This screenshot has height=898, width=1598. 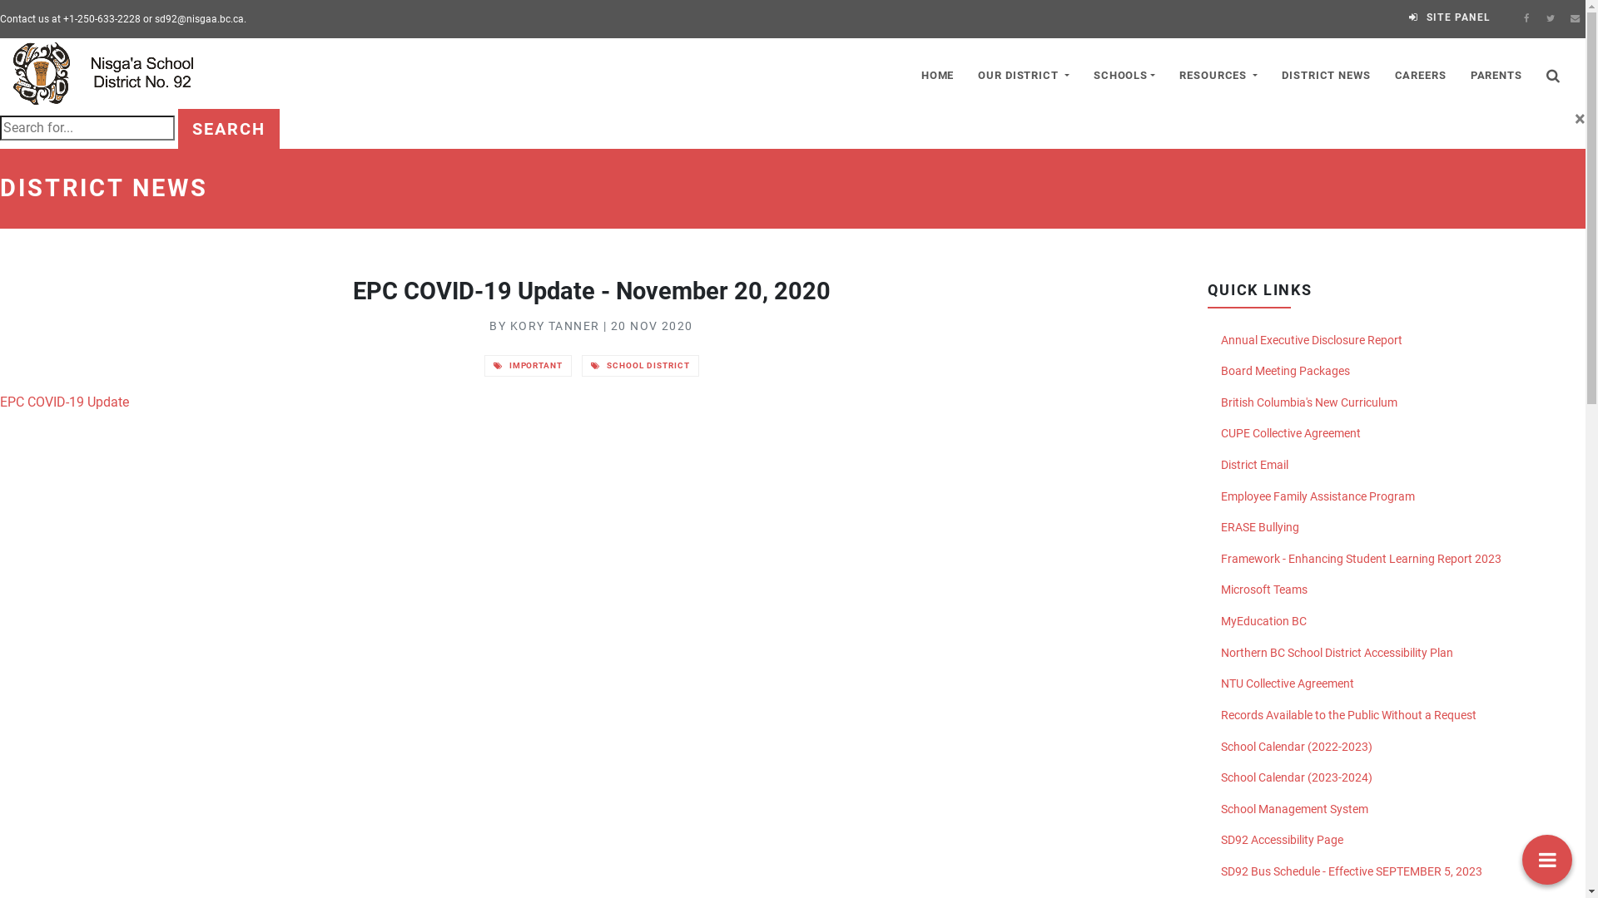 What do you see at coordinates (64, 402) in the screenshot?
I see `'EPC COVID-19 Update'` at bounding box center [64, 402].